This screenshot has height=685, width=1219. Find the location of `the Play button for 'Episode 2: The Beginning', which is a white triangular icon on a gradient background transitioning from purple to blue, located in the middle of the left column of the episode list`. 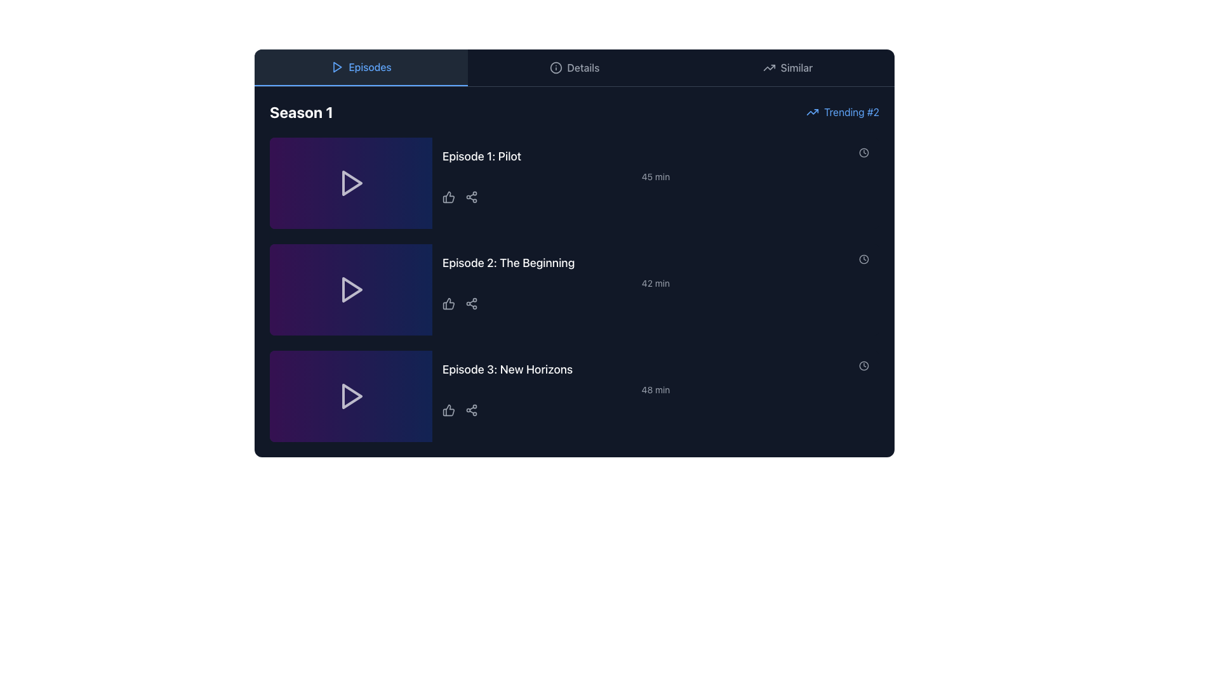

the Play button for 'Episode 2: The Beginning', which is a white triangular icon on a gradient background transitioning from purple to blue, located in the middle of the left column of the episode list is located at coordinates (350, 289).